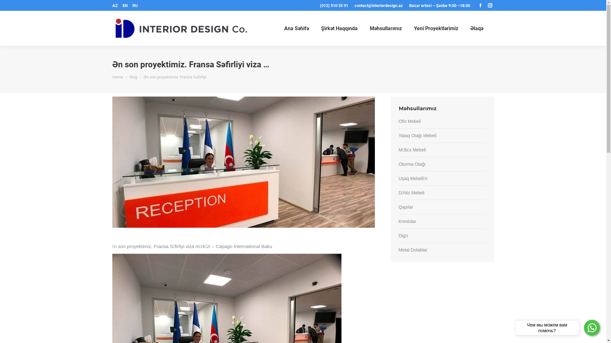 This screenshot has width=611, height=343. I want to click on 'AZ', so click(115, 5).